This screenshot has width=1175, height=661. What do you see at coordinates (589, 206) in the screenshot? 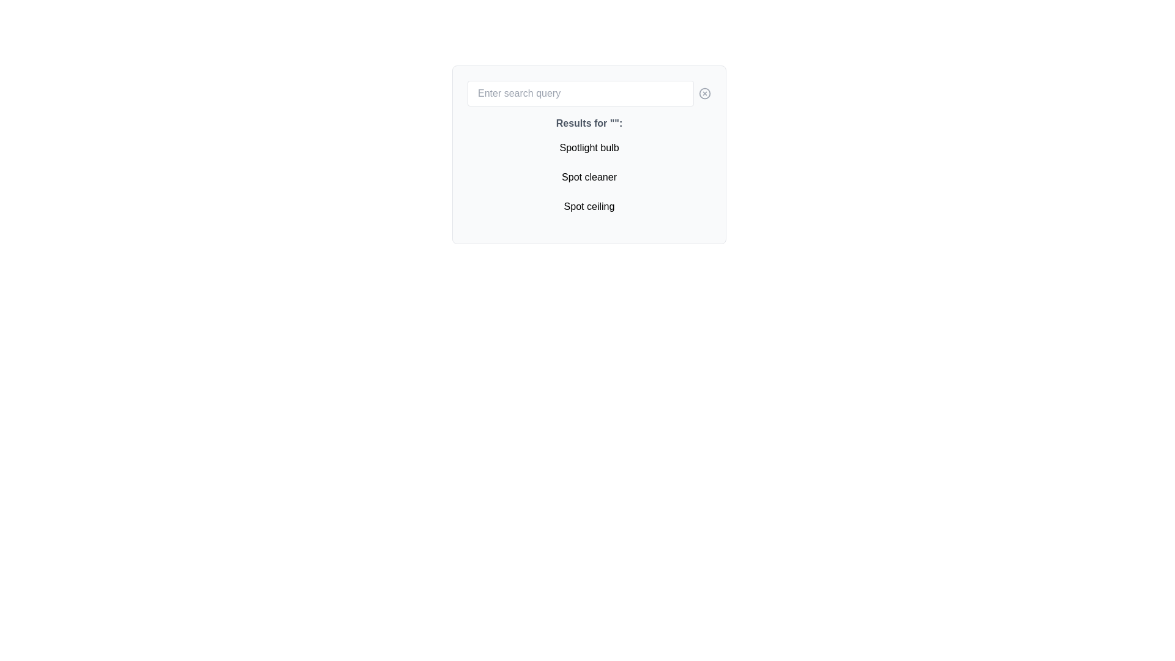
I see `the letter 'c' in the word 'ceiling' of the third line of the search results list, which is part of the 'Spot ceiling' entry` at bounding box center [589, 206].